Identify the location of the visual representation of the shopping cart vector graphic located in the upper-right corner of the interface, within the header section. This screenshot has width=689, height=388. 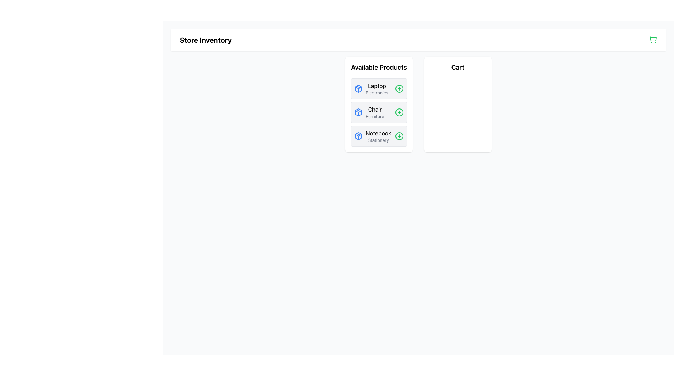
(653, 38).